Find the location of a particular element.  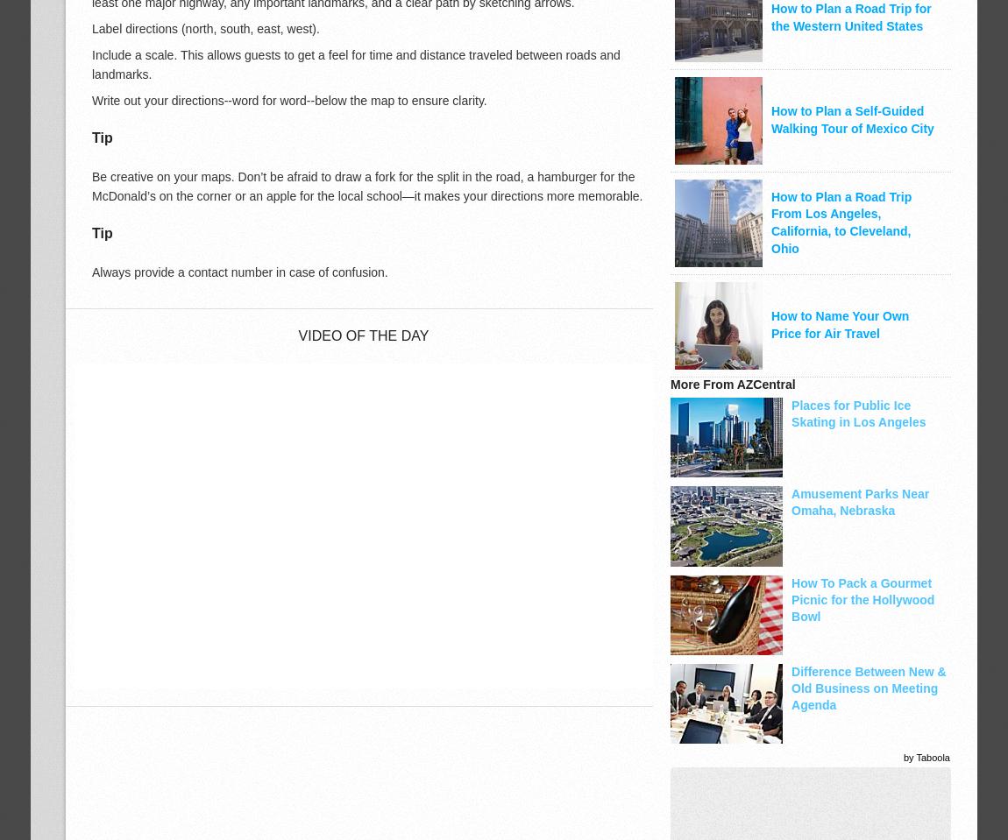

'How to Plan a Road Trip From Los Angeles, California, to Cleveland, Ohio' is located at coordinates (841, 222).